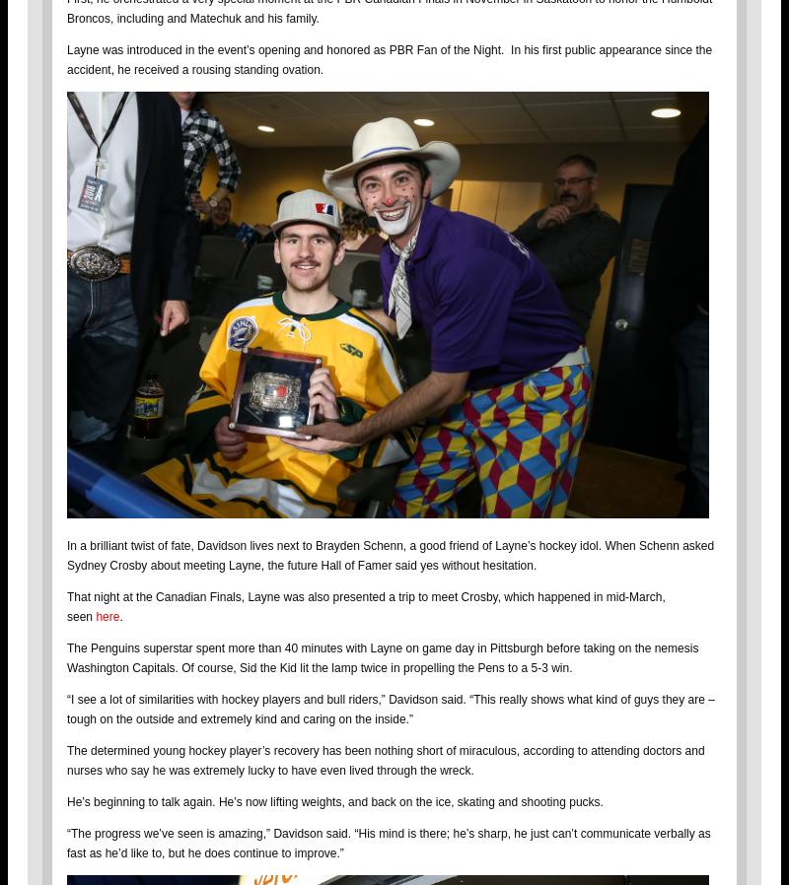 The height and width of the screenshot is (885, 789). I want to click on 'That night at the Canadian Finals, Layne was also presented a trip to meet Crosby, which happened in mid-March, seen', so click(364, 605).